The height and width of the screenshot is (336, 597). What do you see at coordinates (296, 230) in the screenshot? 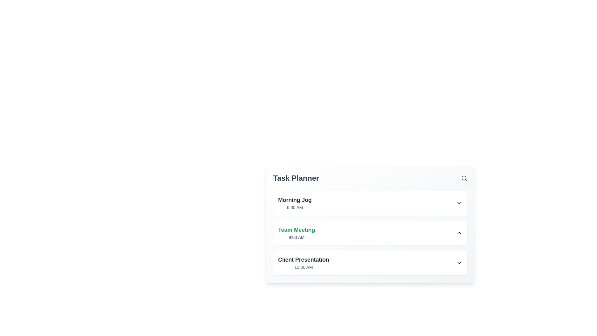
I see `the text label that serves as the title for the second event in the vertical list of events, positioned between 'Morning Jog' and 'Client Presentation'` at bounding box center [296, 230].